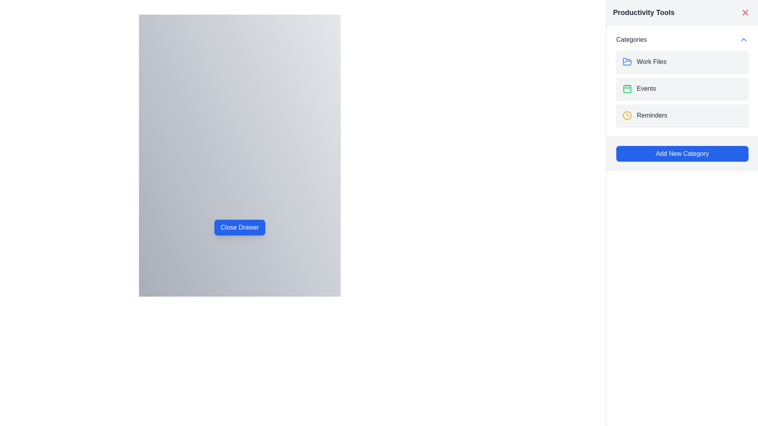  I want to click on the Dropdown toggle button located to the far-right of the 'Categories' header text in the 'Productivity Tools' panel, so click(743, 39).